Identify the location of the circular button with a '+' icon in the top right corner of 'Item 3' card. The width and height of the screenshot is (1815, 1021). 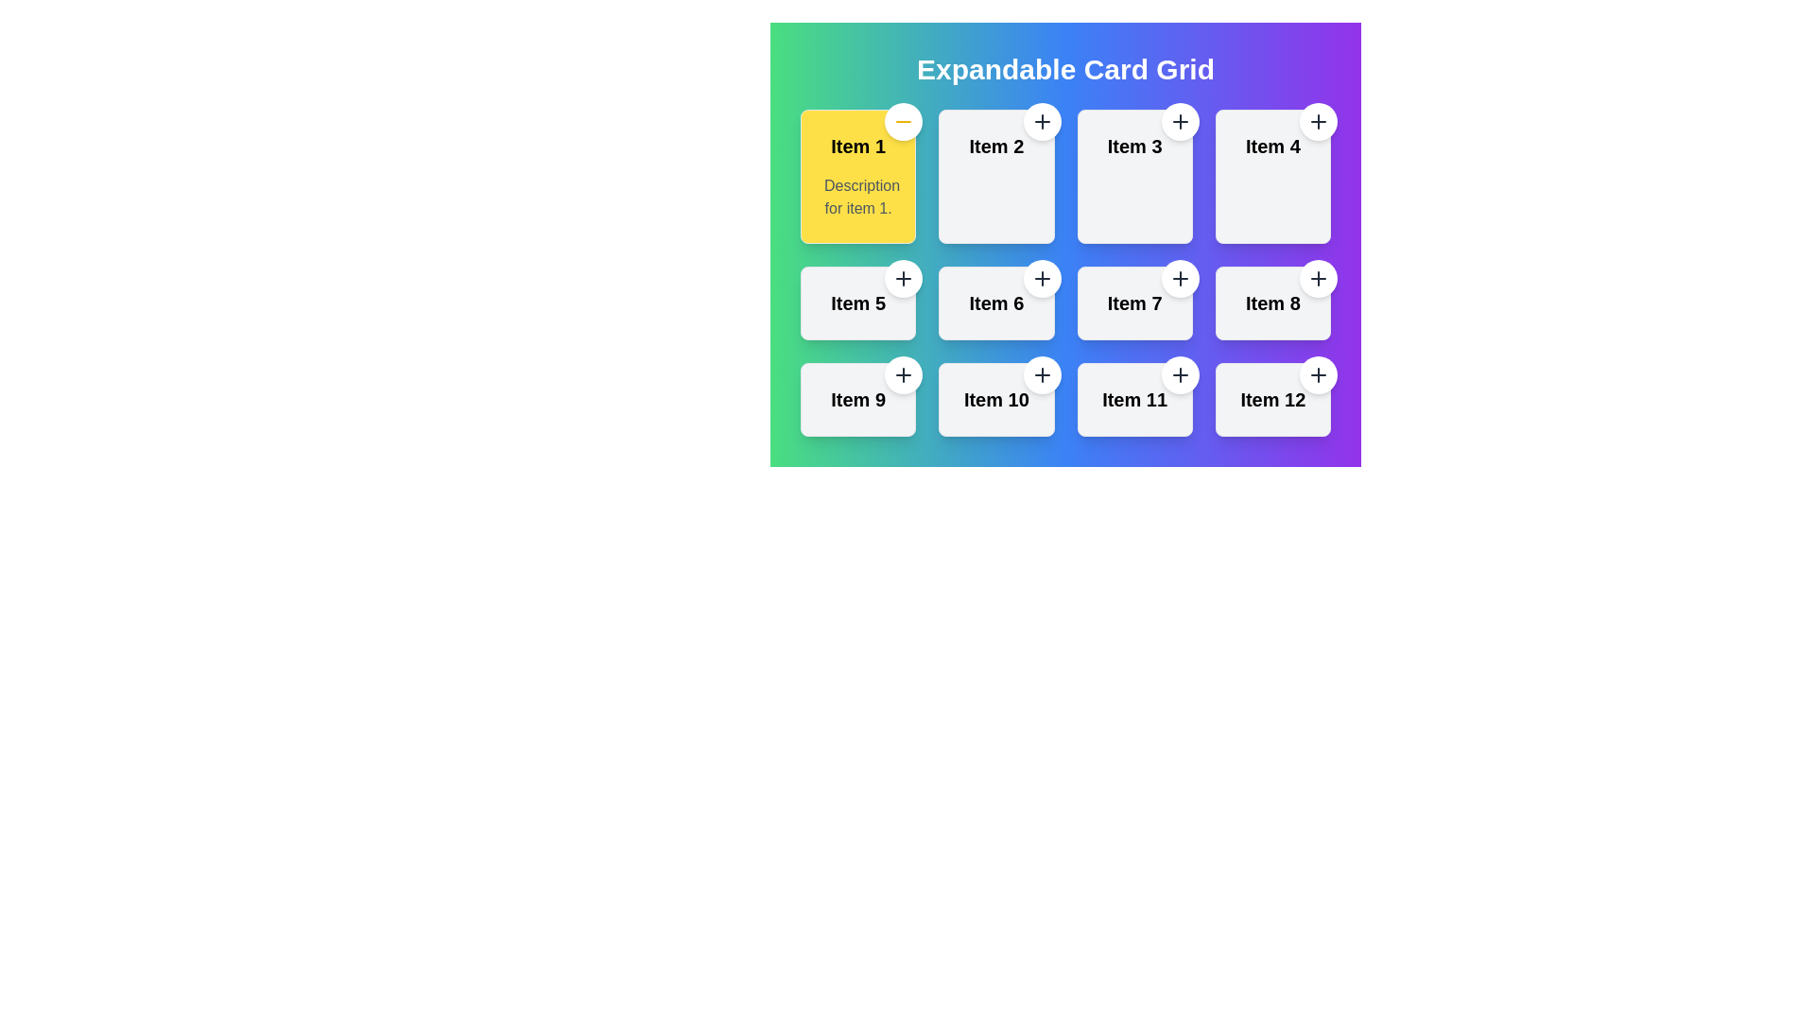
(1179, 121).